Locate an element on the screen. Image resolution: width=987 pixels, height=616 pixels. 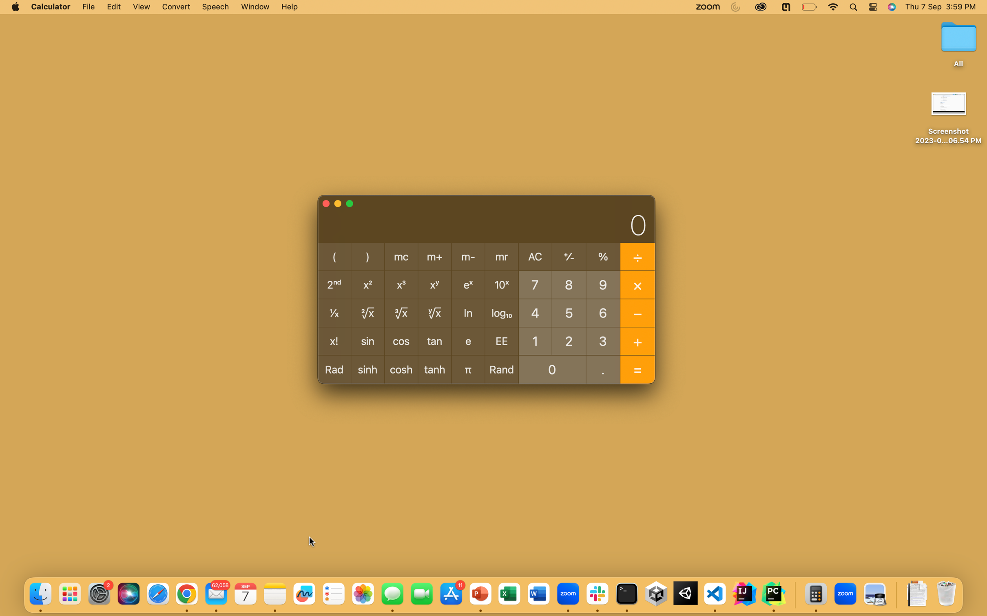
Enter the digits 3 and 0, then select the tangent function is located at coordinates (603, 340).